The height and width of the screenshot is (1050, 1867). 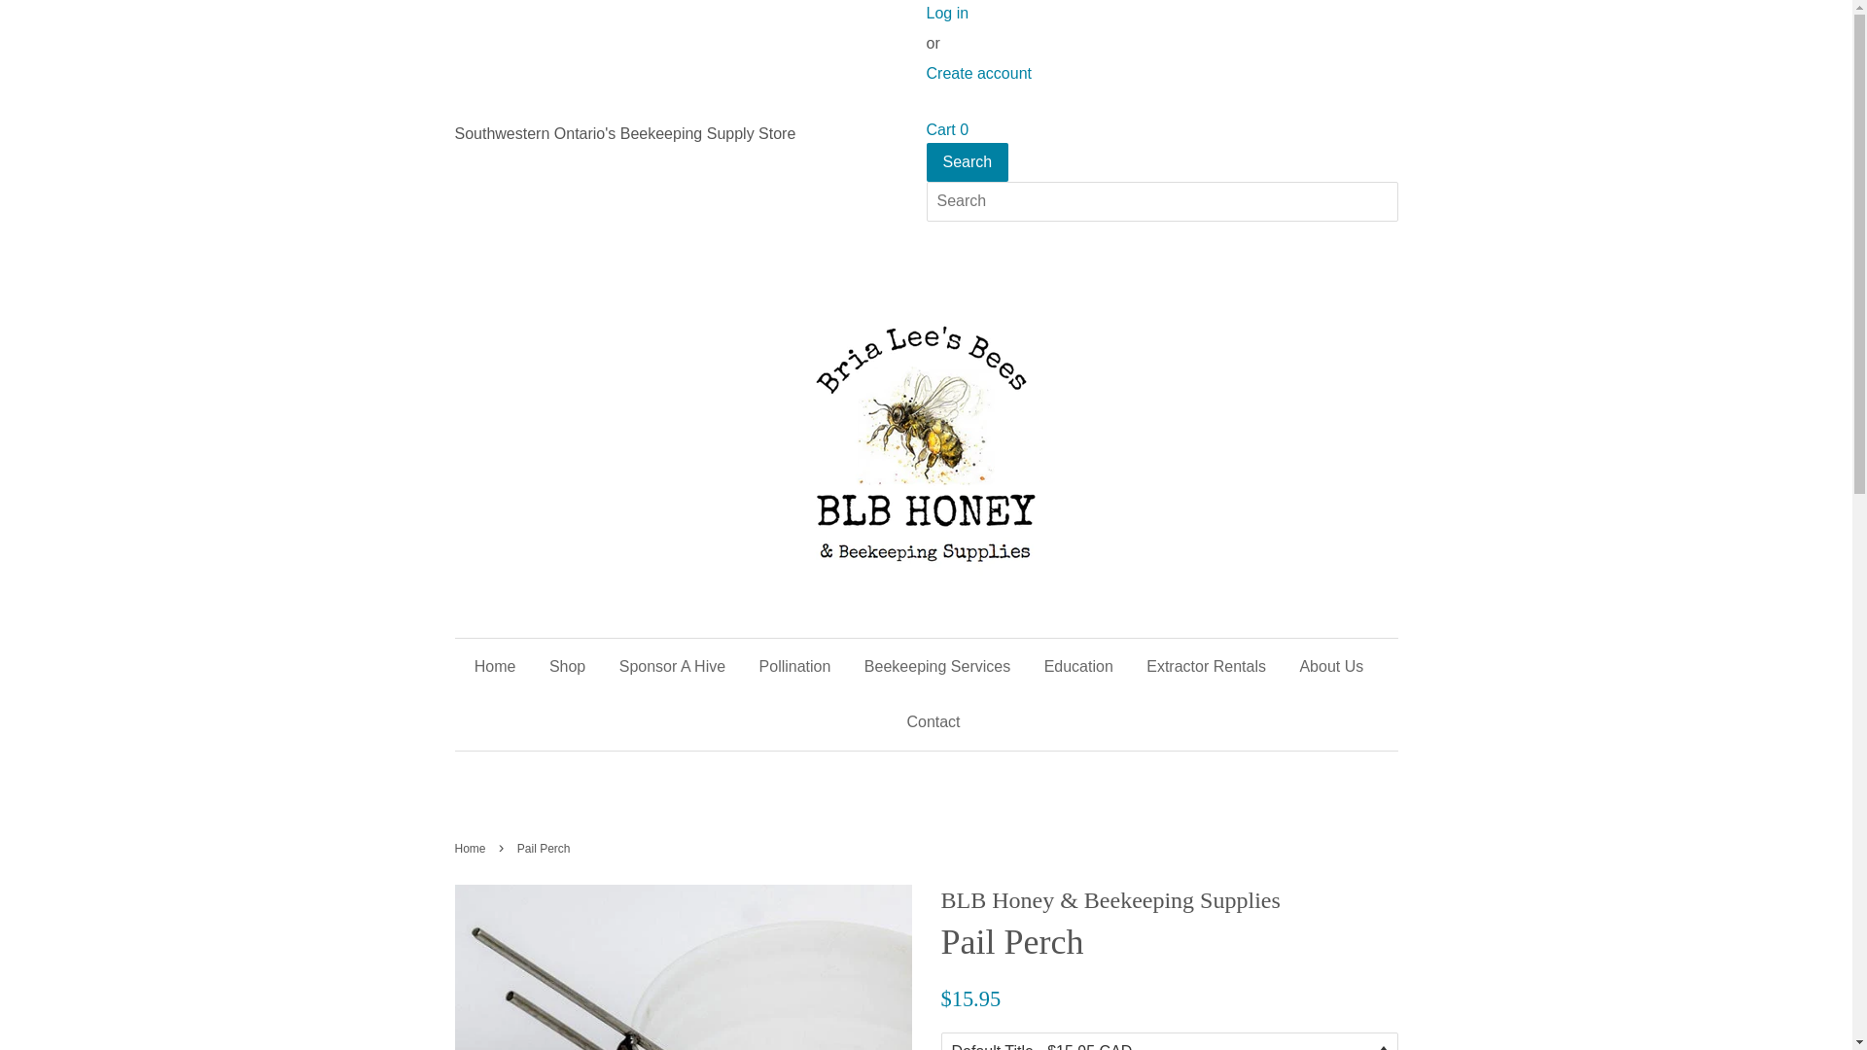 I want to click on 'Shop', so click(x=566, y=665).